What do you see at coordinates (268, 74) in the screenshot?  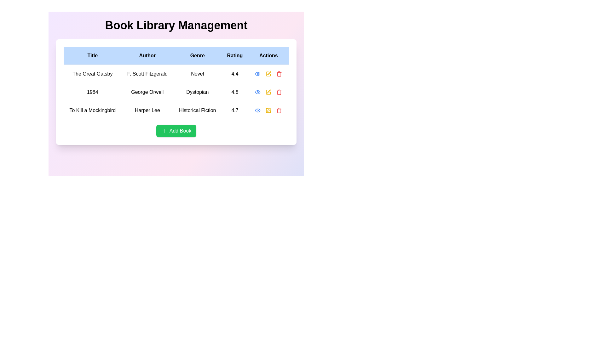 I see `the edit action icon represented by a square outline with a pen-like design in the Actions column for the book titled '1984'` at bounding box center [268, 74].